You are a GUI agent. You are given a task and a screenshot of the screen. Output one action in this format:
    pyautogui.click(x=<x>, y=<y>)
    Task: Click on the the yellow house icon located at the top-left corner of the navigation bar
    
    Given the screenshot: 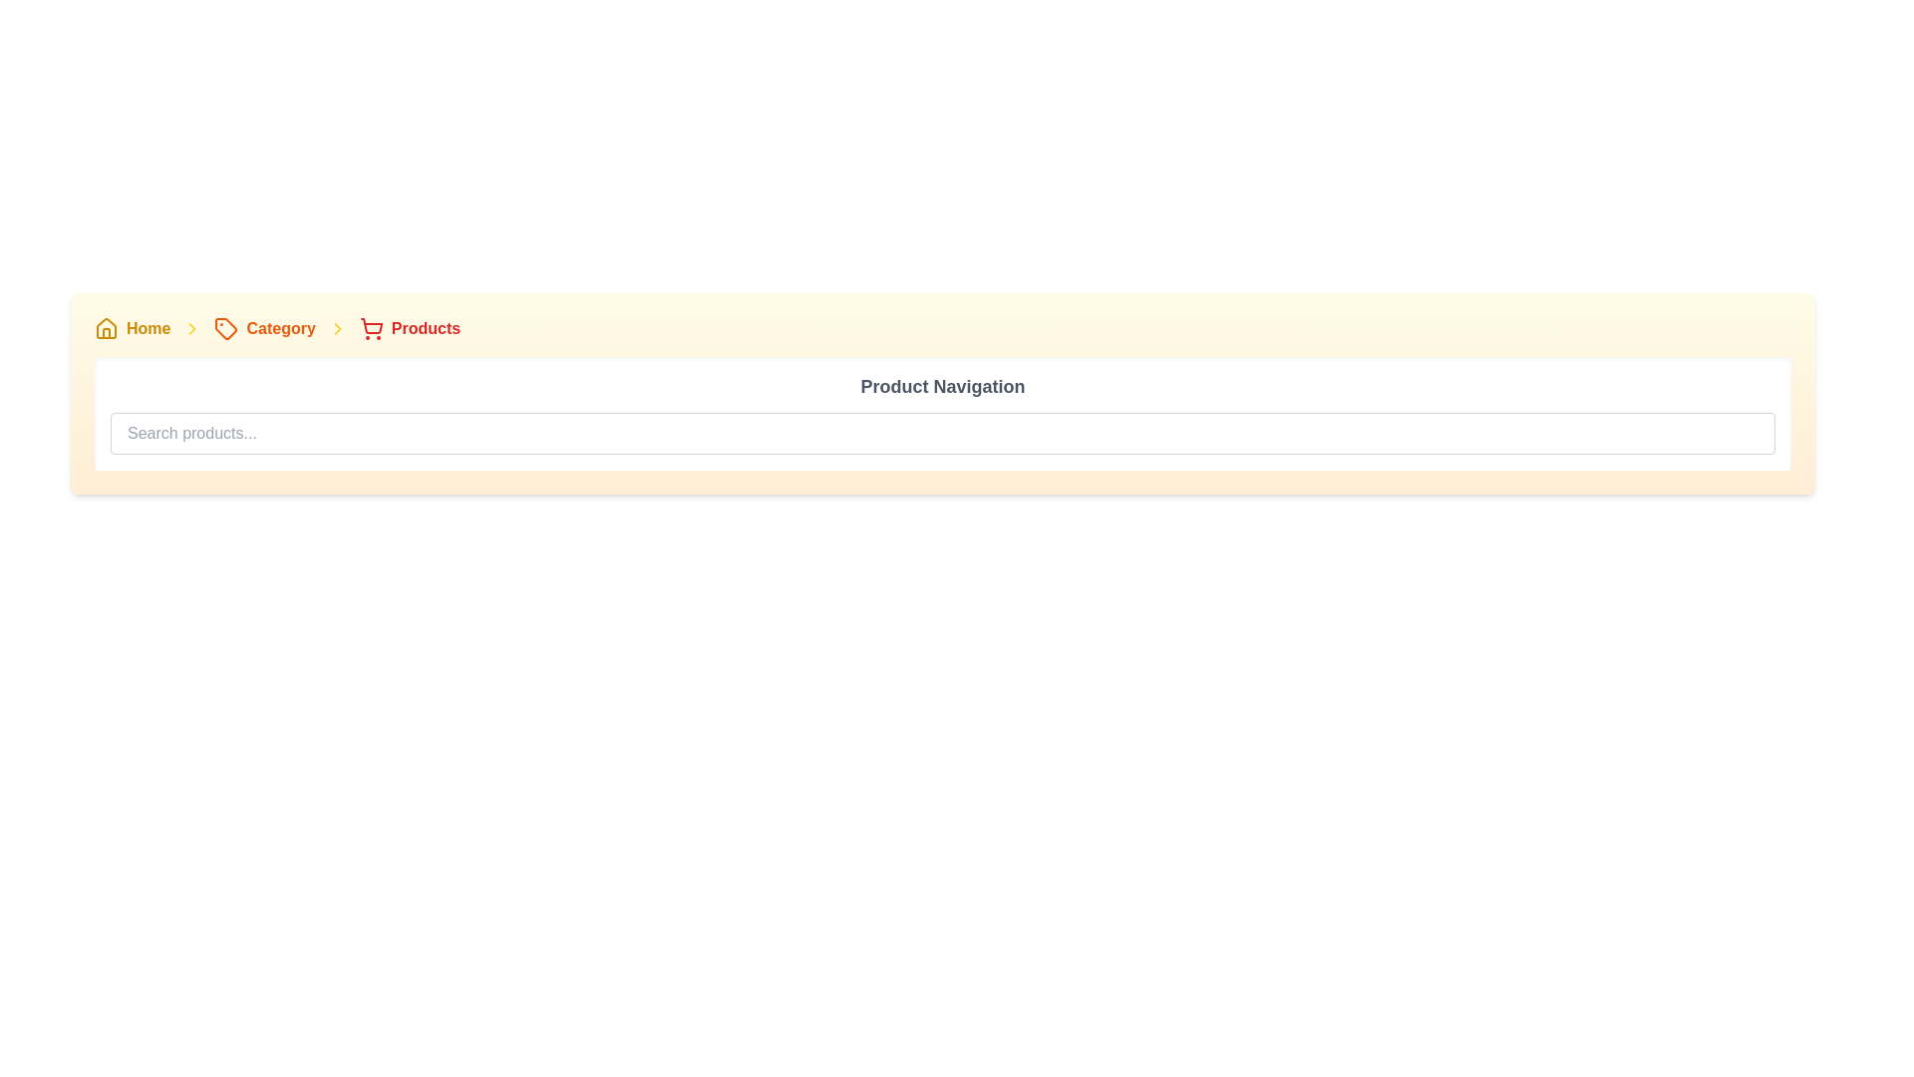 What is the action you would take?
    pyautogui.click(x=105, y=328)
    